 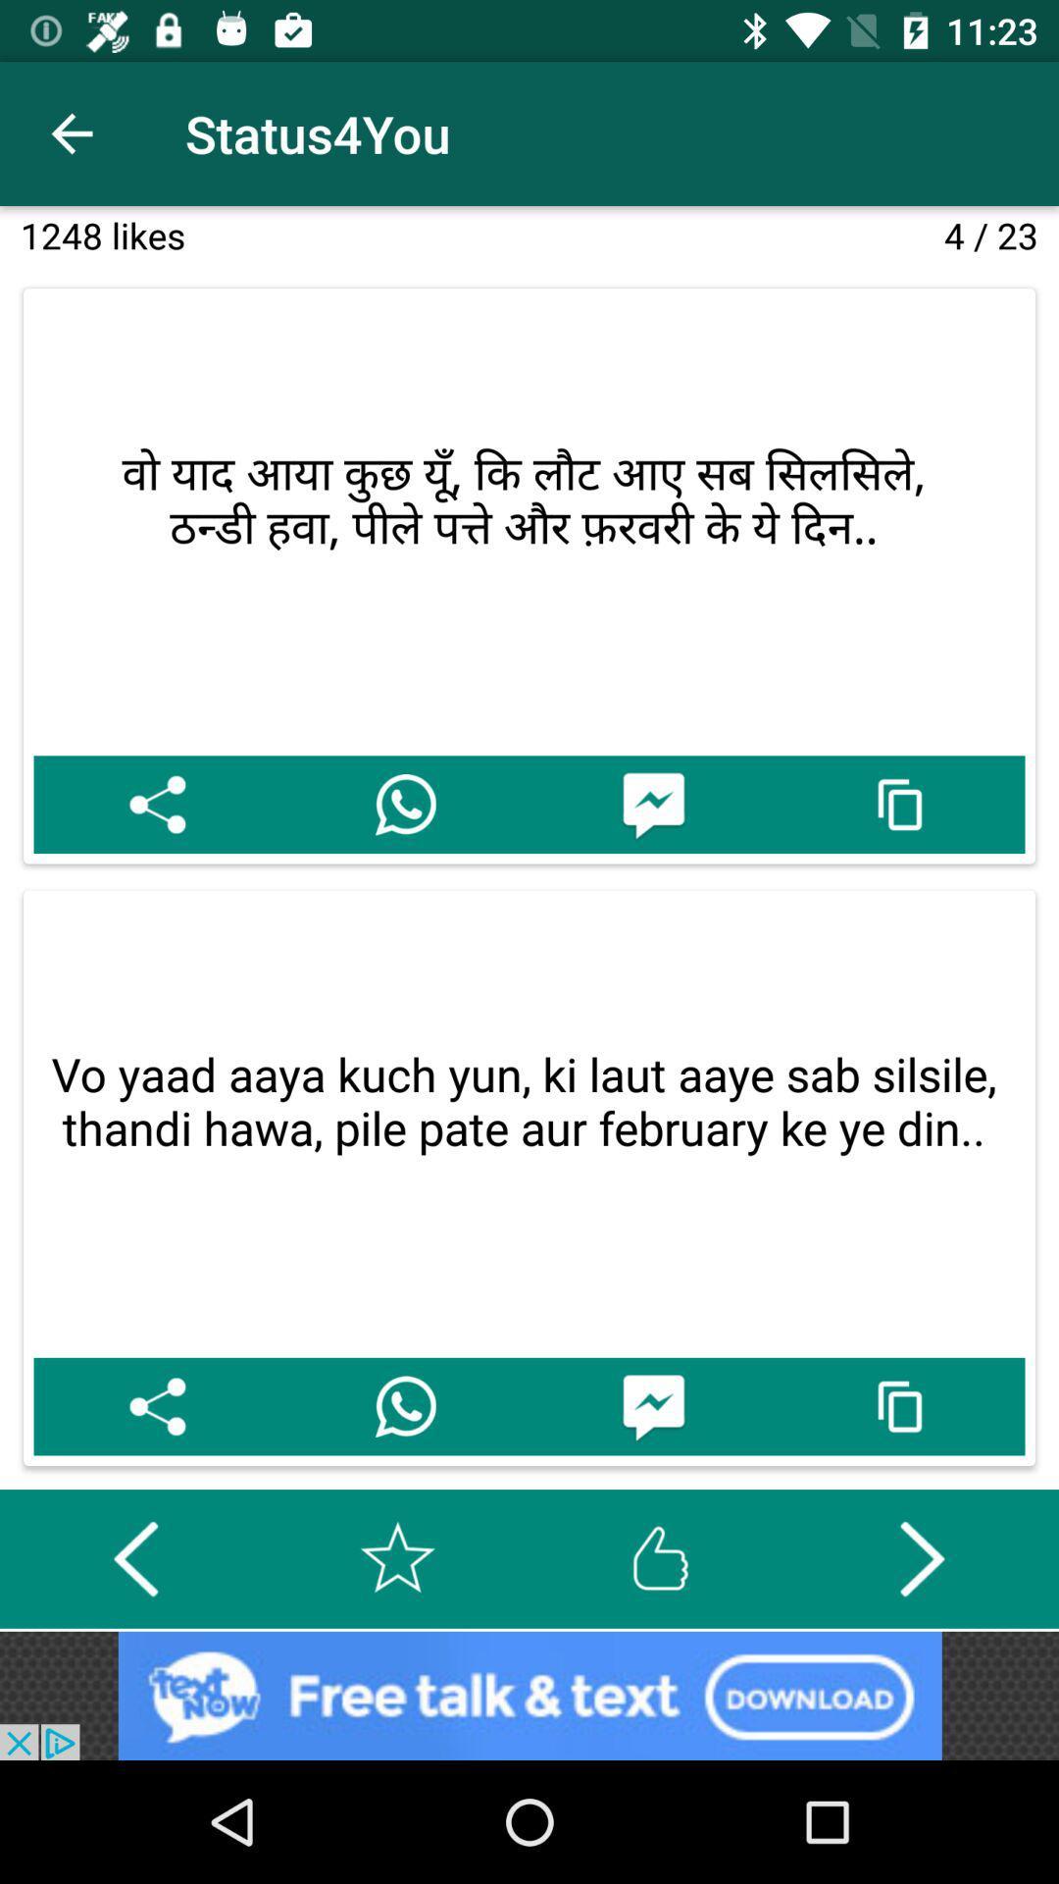 I want to click on a favorite button, so click(x=397, y=1557).